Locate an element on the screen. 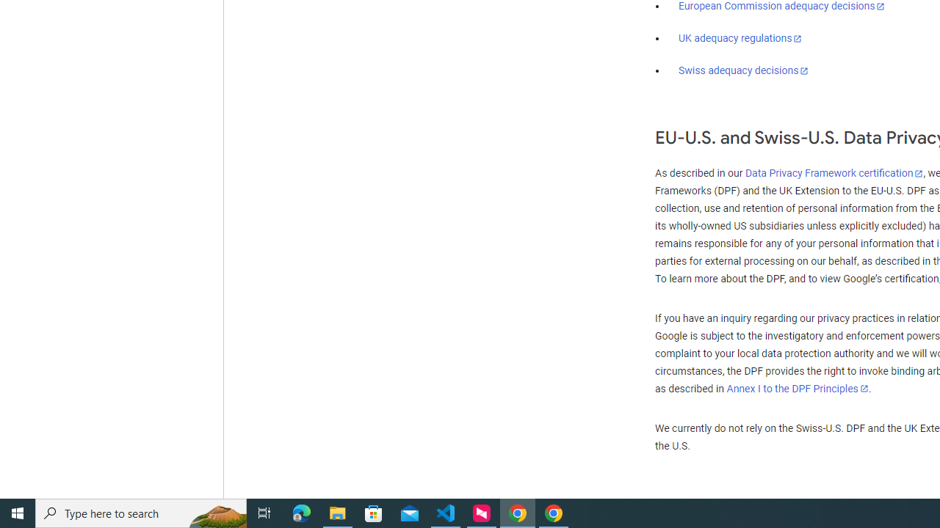 The image size is (940, 528). 'UK adequacy regulations' is located at coordinates (740, 37).